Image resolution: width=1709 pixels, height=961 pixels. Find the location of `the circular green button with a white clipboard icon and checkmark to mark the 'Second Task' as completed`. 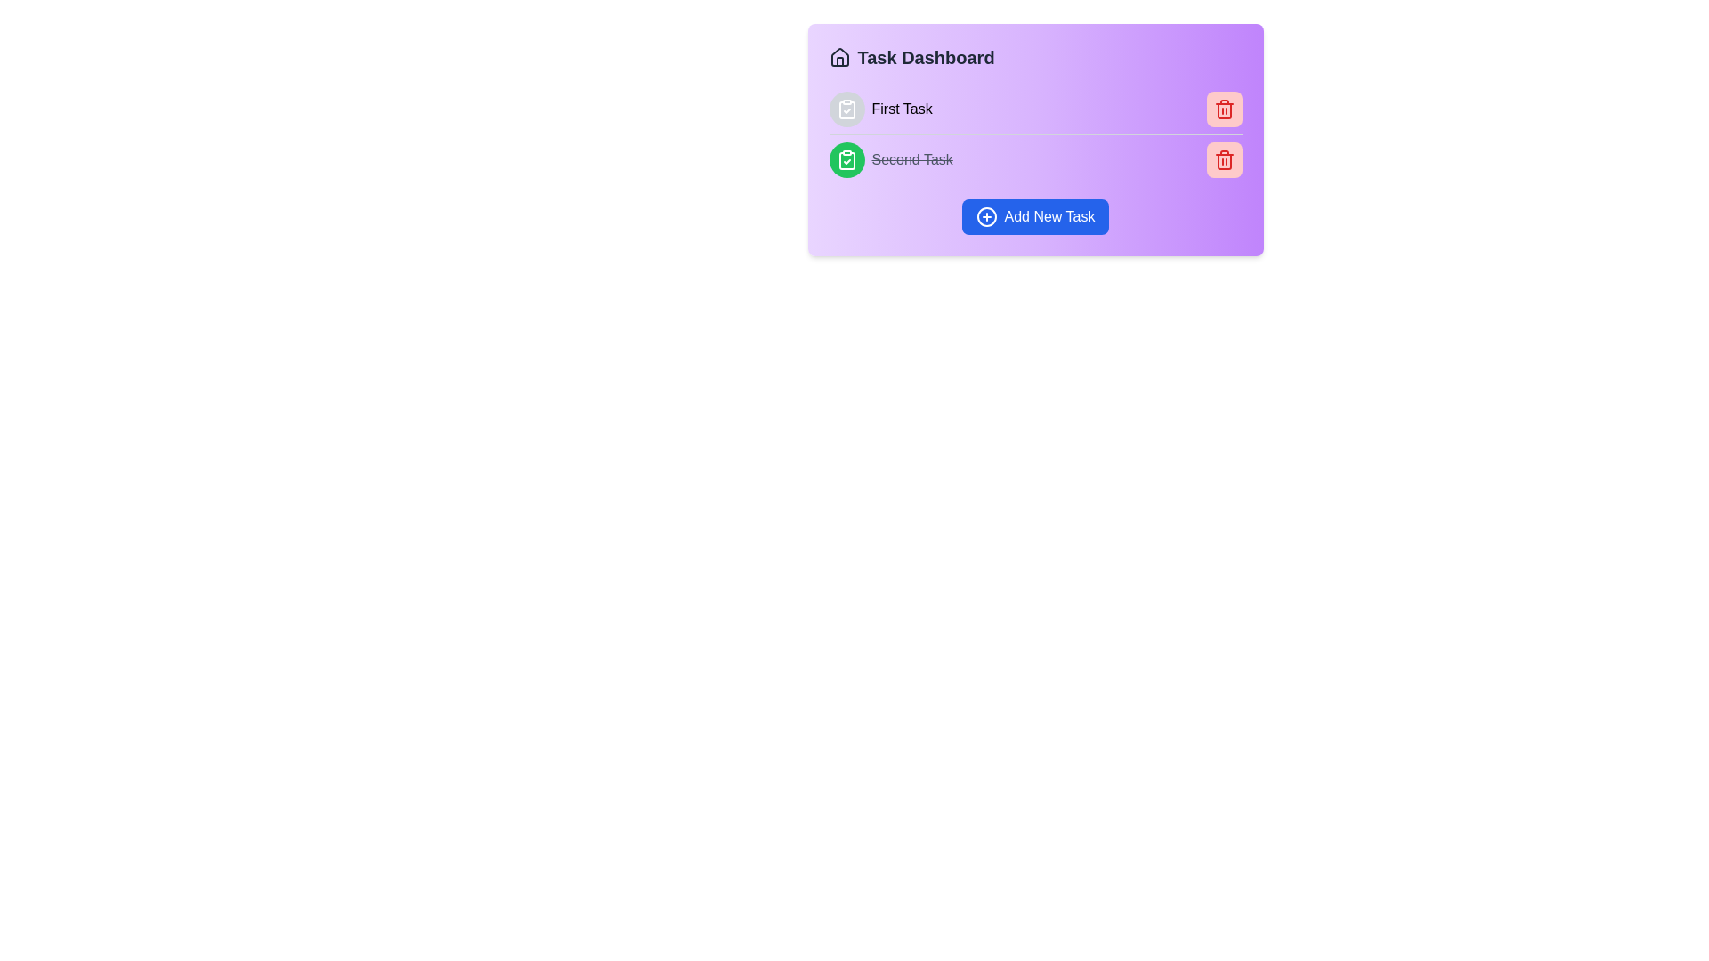

the circular green button with a white clipboard icon and checkmark to mark the 'Second Task' as completed is located at coordinates (846, 160).